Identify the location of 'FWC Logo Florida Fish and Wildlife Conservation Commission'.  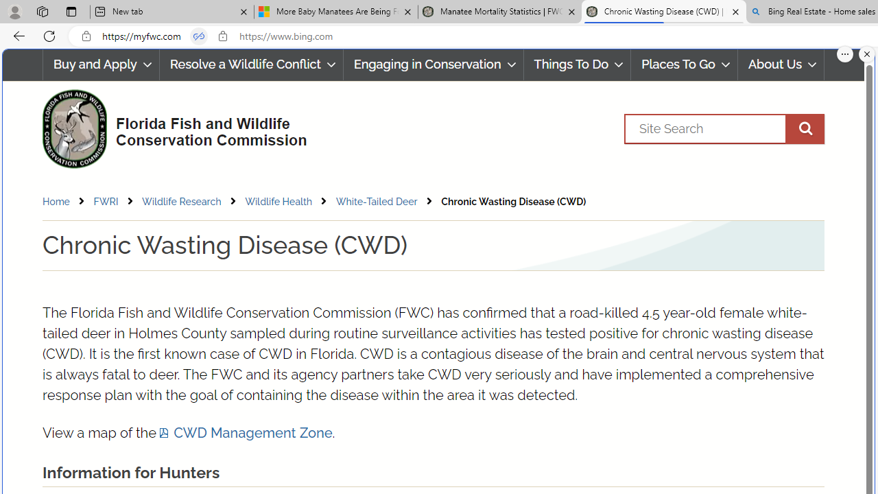
(168, 127).